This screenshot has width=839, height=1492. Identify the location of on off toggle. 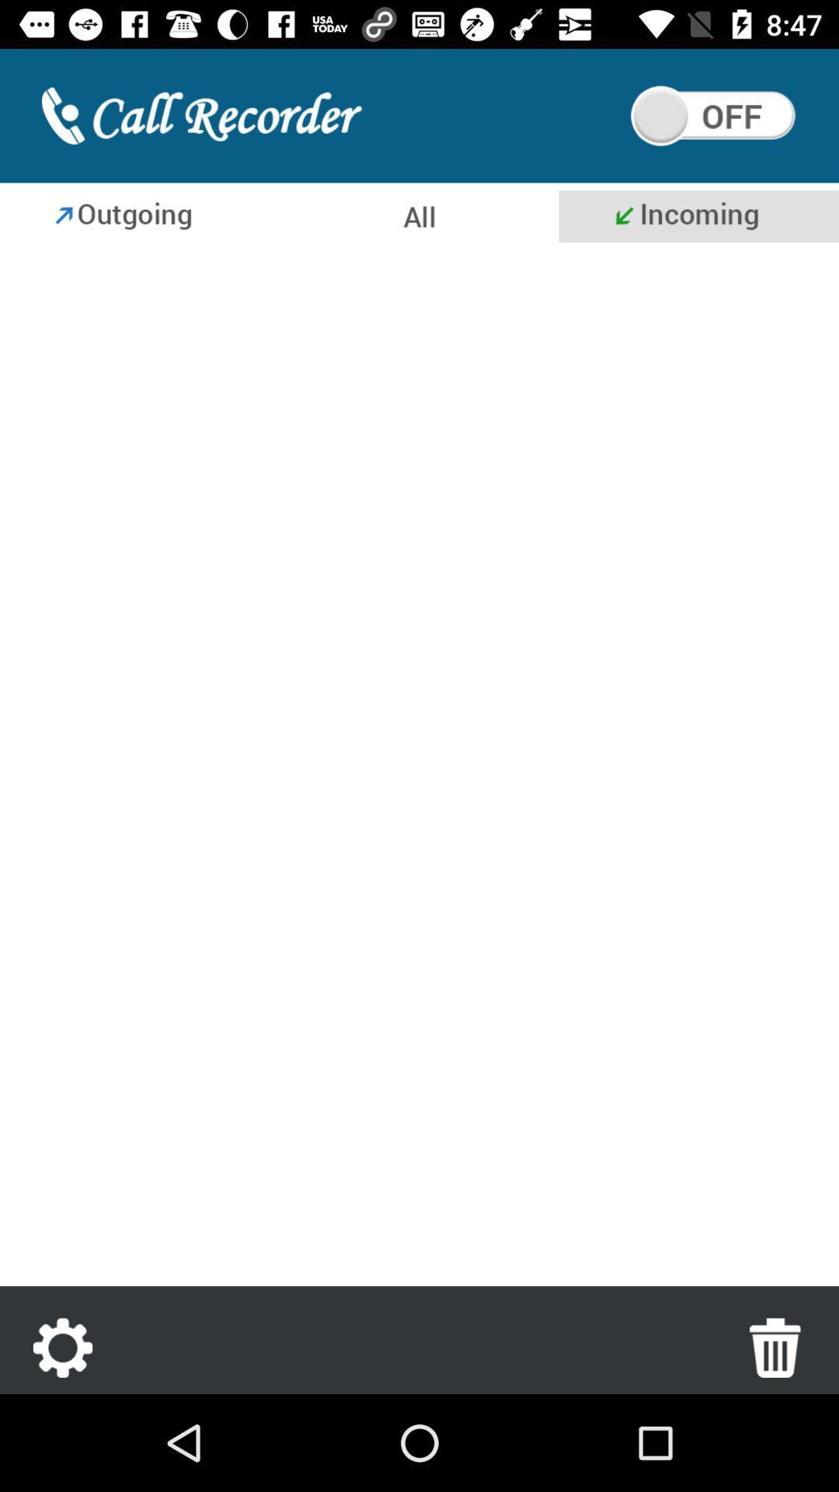
(713, 115).